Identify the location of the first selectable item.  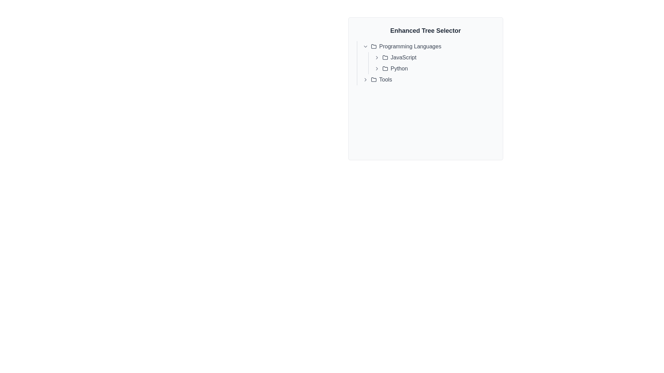
(434, 57).